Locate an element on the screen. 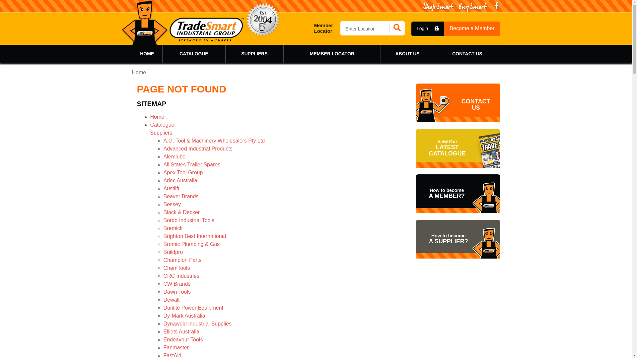 This screenshot has width=637, height=358. 'Alemlube' is located at coordinates (174, 156).